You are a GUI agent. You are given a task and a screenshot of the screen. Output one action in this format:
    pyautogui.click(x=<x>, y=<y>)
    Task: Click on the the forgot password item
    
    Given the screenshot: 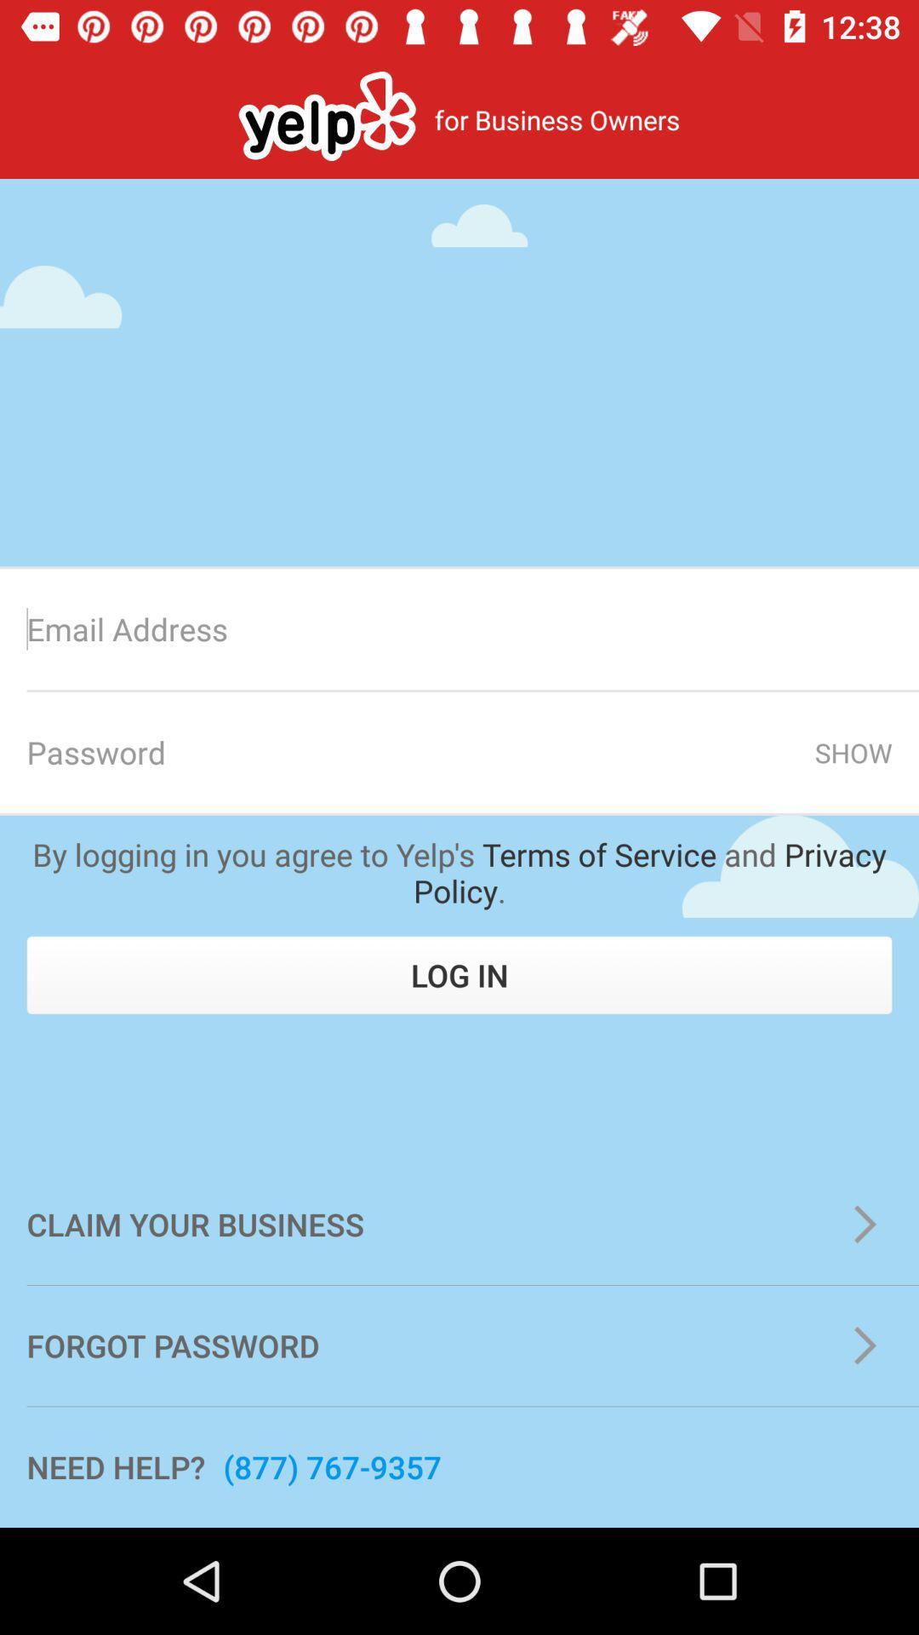 What is the action you would take?
    pyautogui.click(x=459, y=1345)
    